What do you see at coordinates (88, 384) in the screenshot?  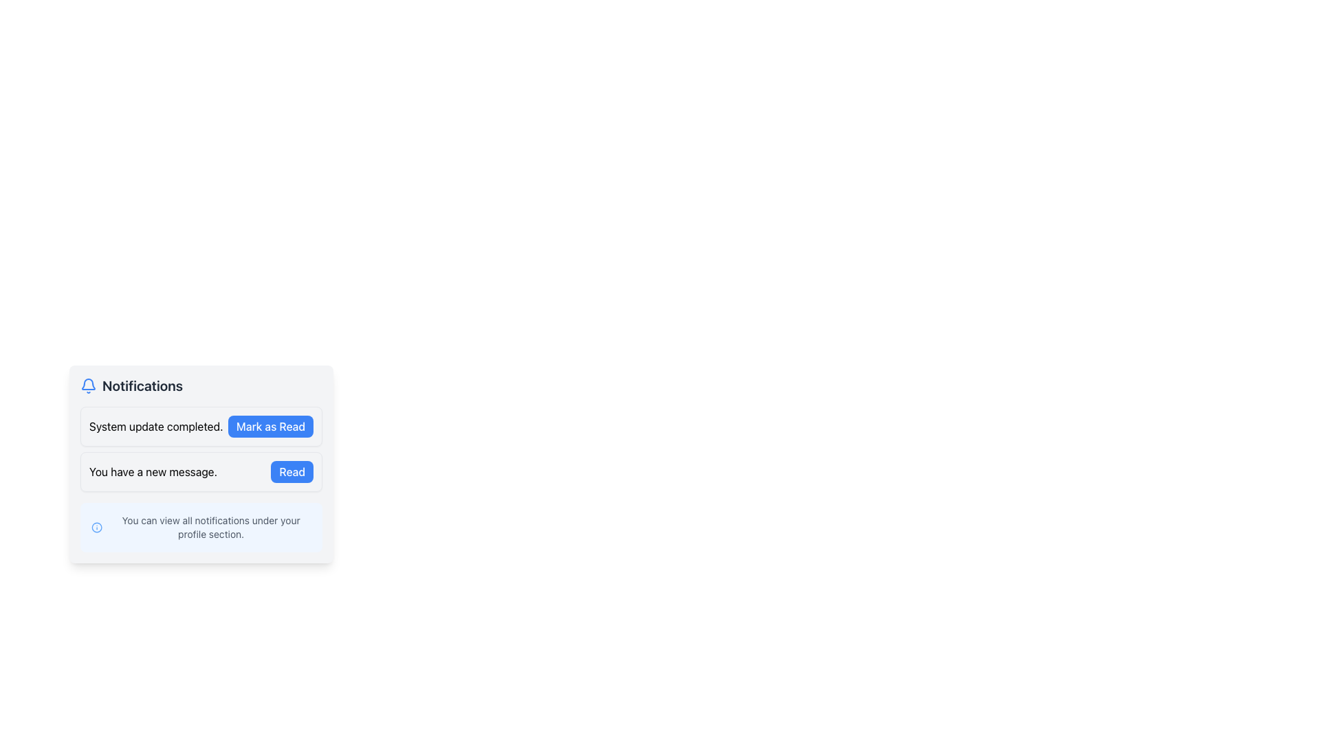 I see `the lower section of the bell icon, which is part of the notification system and located near the heading 'Notifications'` at bounding box center [88, 384].